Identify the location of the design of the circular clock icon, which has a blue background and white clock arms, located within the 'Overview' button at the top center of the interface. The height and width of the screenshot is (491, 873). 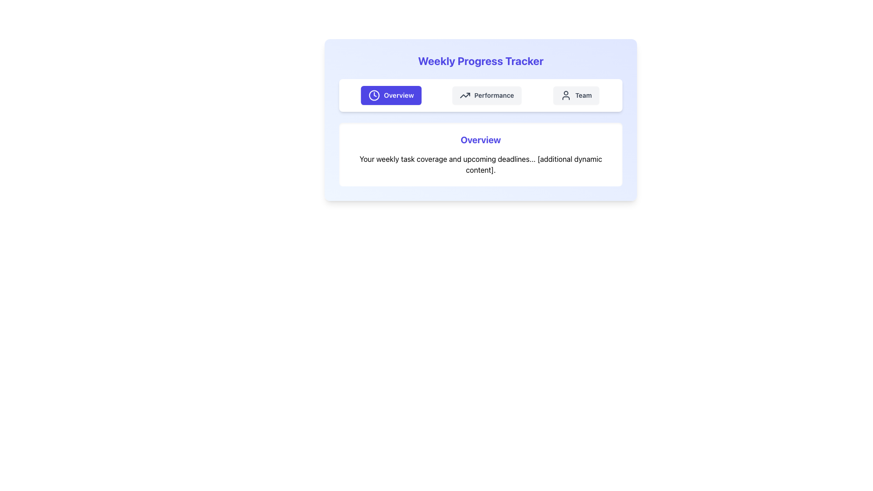
(374, 95).